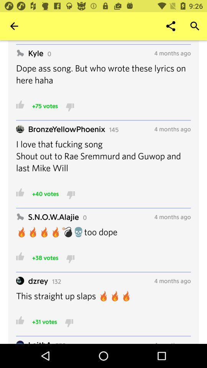 The height and width of the screenshot is (368, 207). What do you see at coordinates (103, 160) in the screenshot?
I see `i love that item` at bounding box center [103, 160].